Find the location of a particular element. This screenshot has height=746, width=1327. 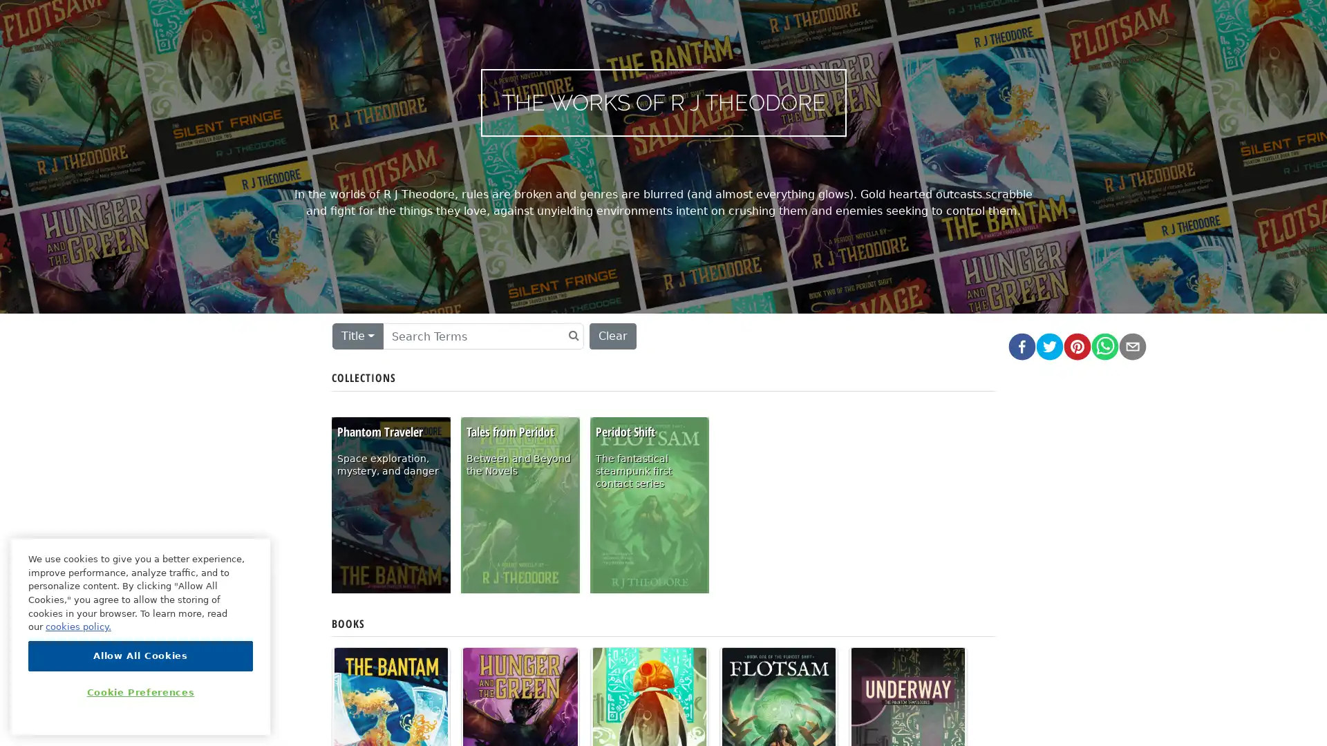

pinterest is located at coordinates (1076, 345).